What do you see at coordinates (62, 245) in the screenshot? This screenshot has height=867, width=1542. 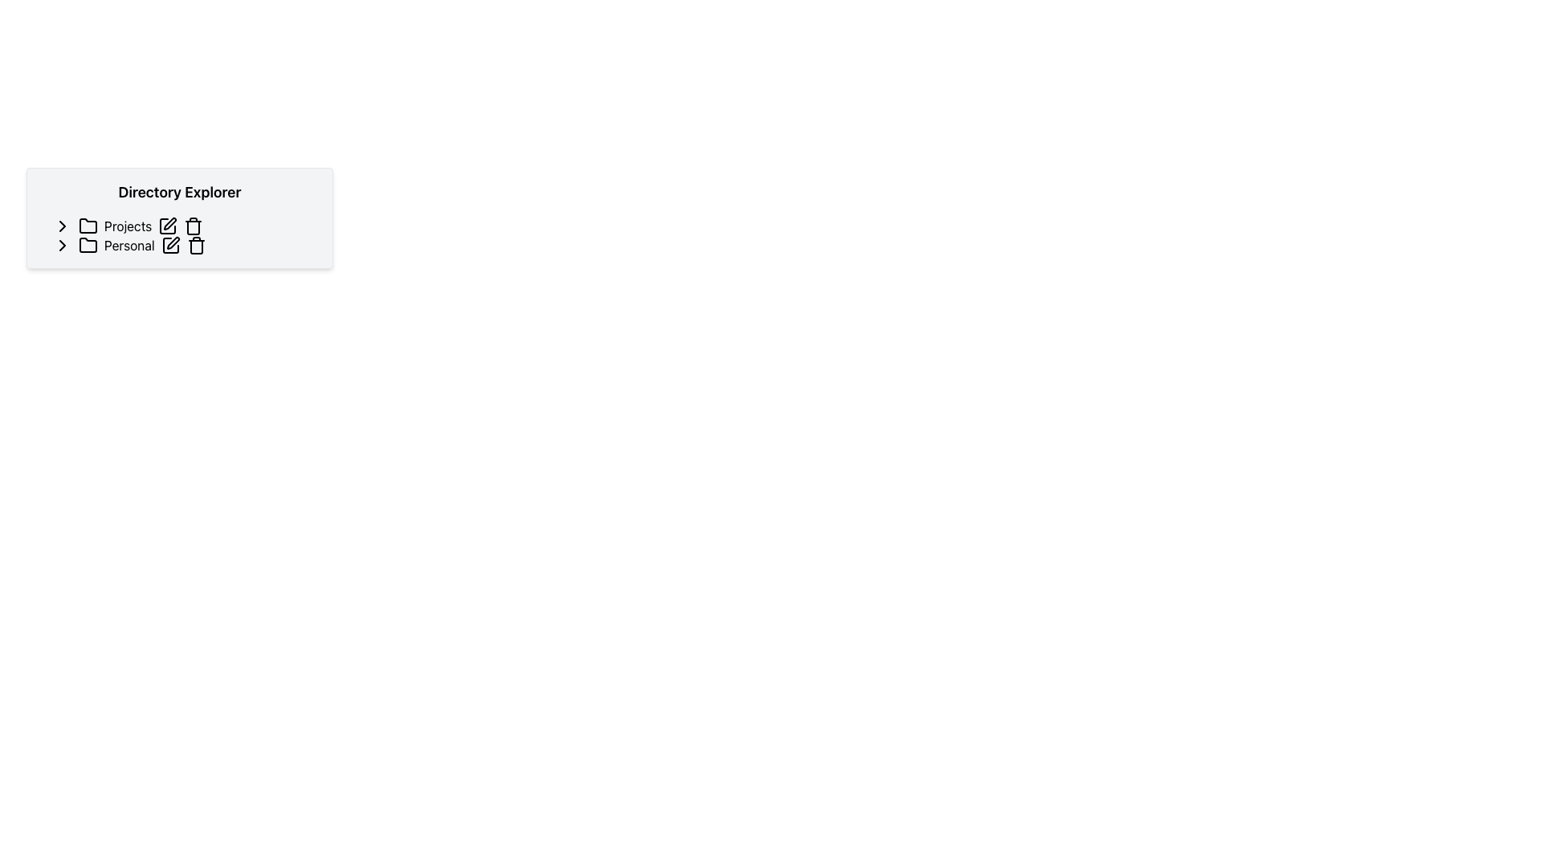 I see `the right-facing chevron icon located to the far left of the 'Personal' group` at bounding box center [62, 245].